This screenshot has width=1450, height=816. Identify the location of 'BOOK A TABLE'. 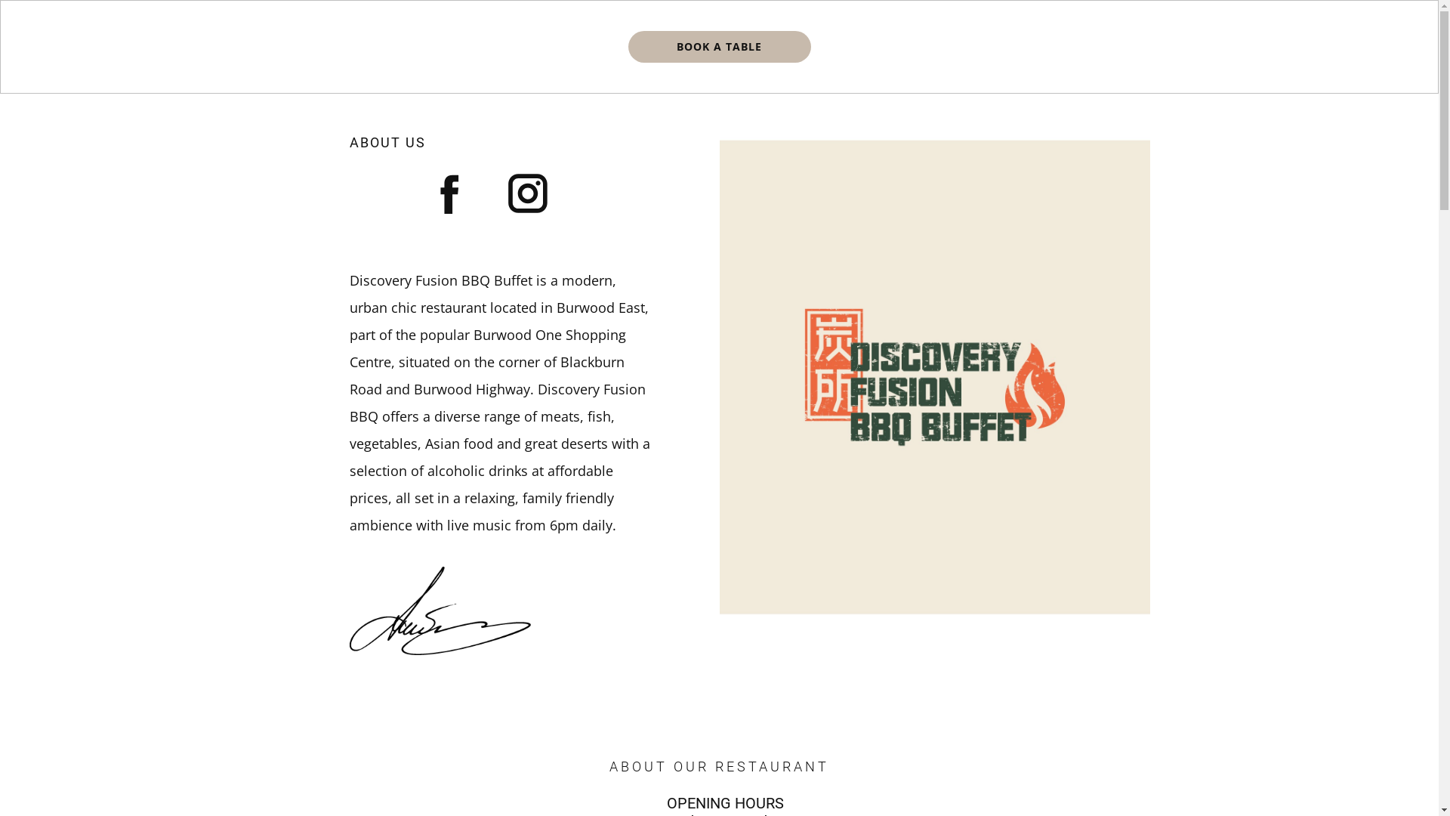
(719, 45).